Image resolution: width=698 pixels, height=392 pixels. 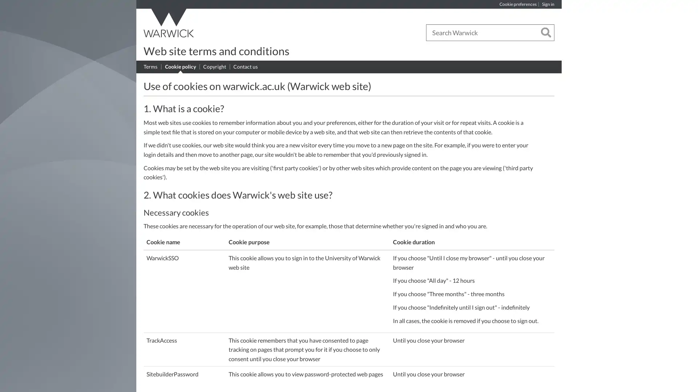 I want to click on Search, so click(x=546, y=33).